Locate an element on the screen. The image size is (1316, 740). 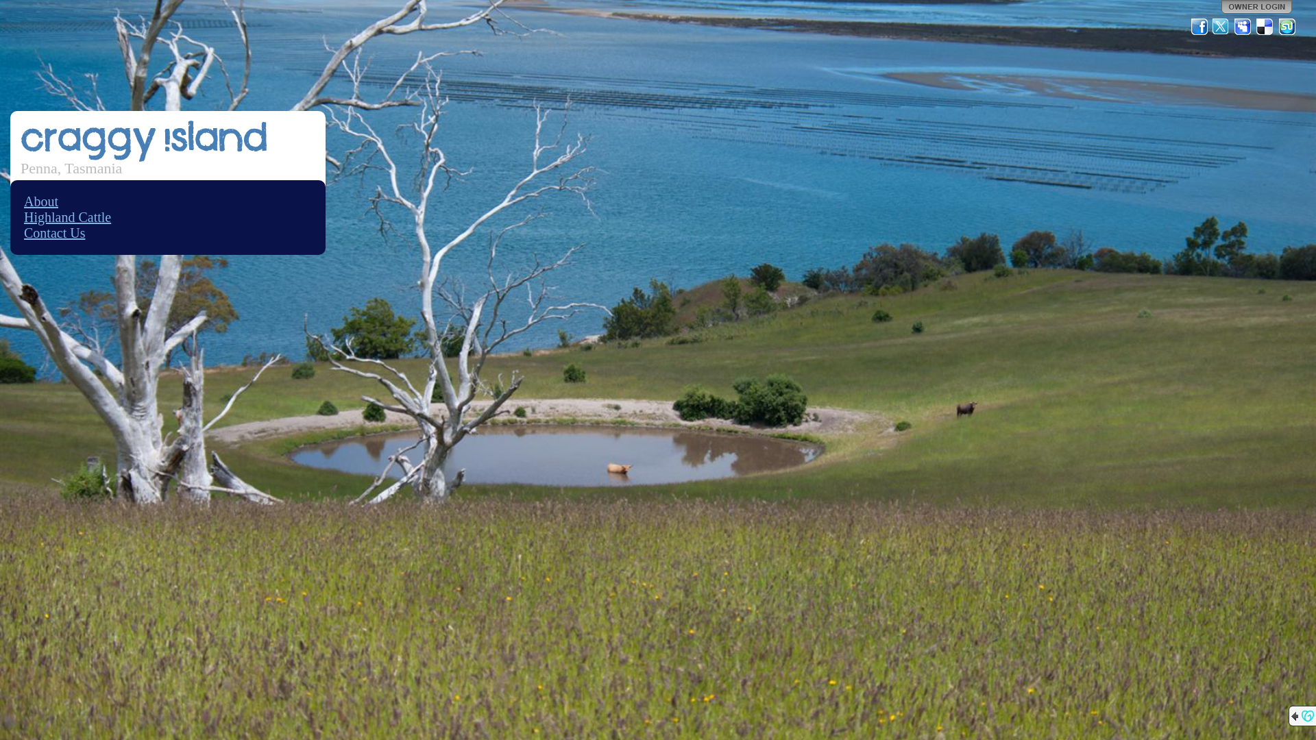
'Del.icio.us' is located at coordinates (1265, 26).